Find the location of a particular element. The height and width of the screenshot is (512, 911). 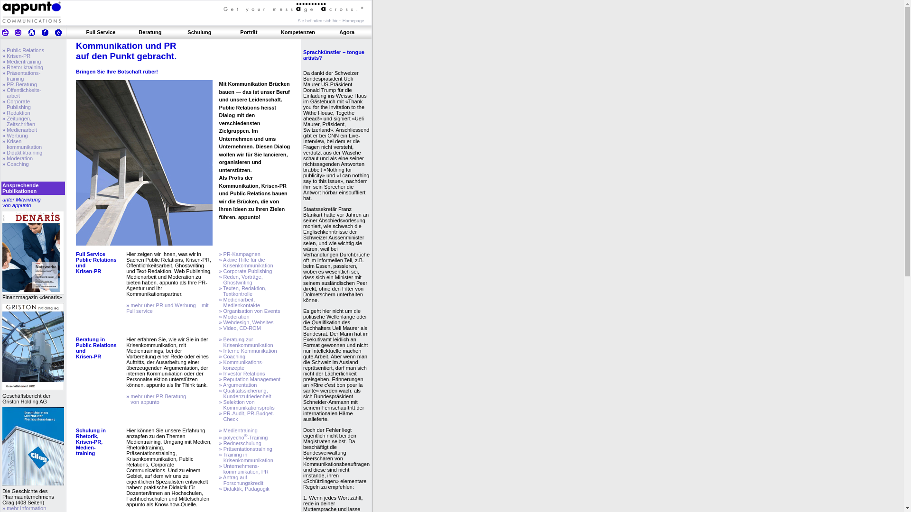

' Didaktiktraining' is located at coordinates (23, 152).